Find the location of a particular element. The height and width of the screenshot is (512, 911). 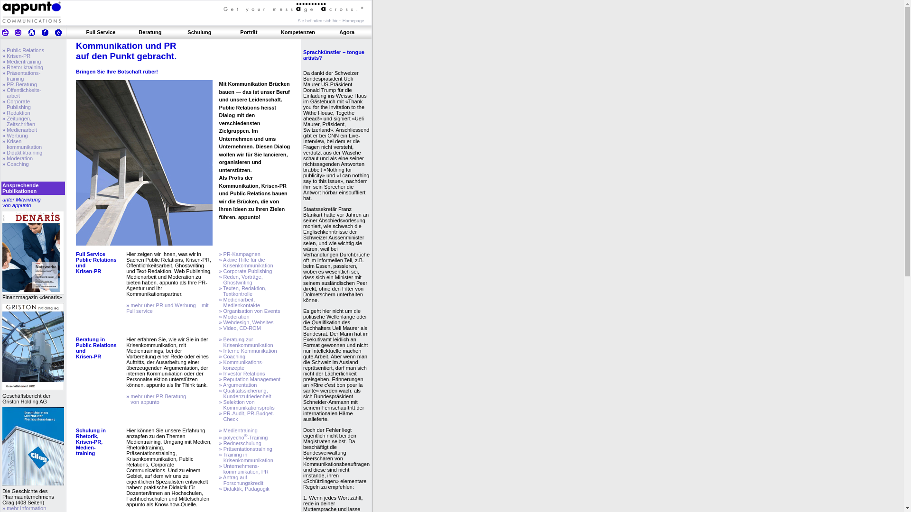

' Didaktiktraining' is located at coordinates (23, 152).